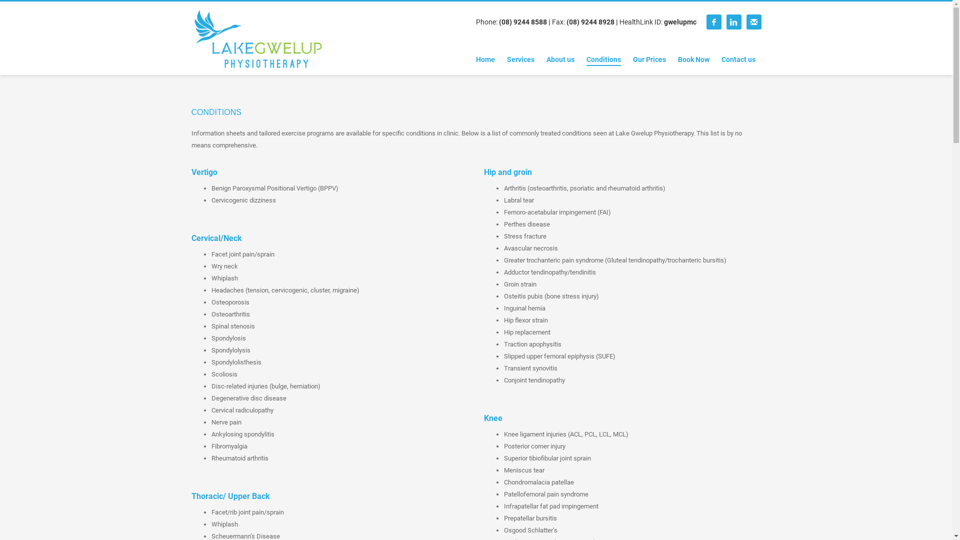 Image resolution: width=960 pixels, height=540 pixels. Describe the element at coordinates (475, 21) in the screenshot. I see `'Phone: (08) 9244 8588'` at that location.